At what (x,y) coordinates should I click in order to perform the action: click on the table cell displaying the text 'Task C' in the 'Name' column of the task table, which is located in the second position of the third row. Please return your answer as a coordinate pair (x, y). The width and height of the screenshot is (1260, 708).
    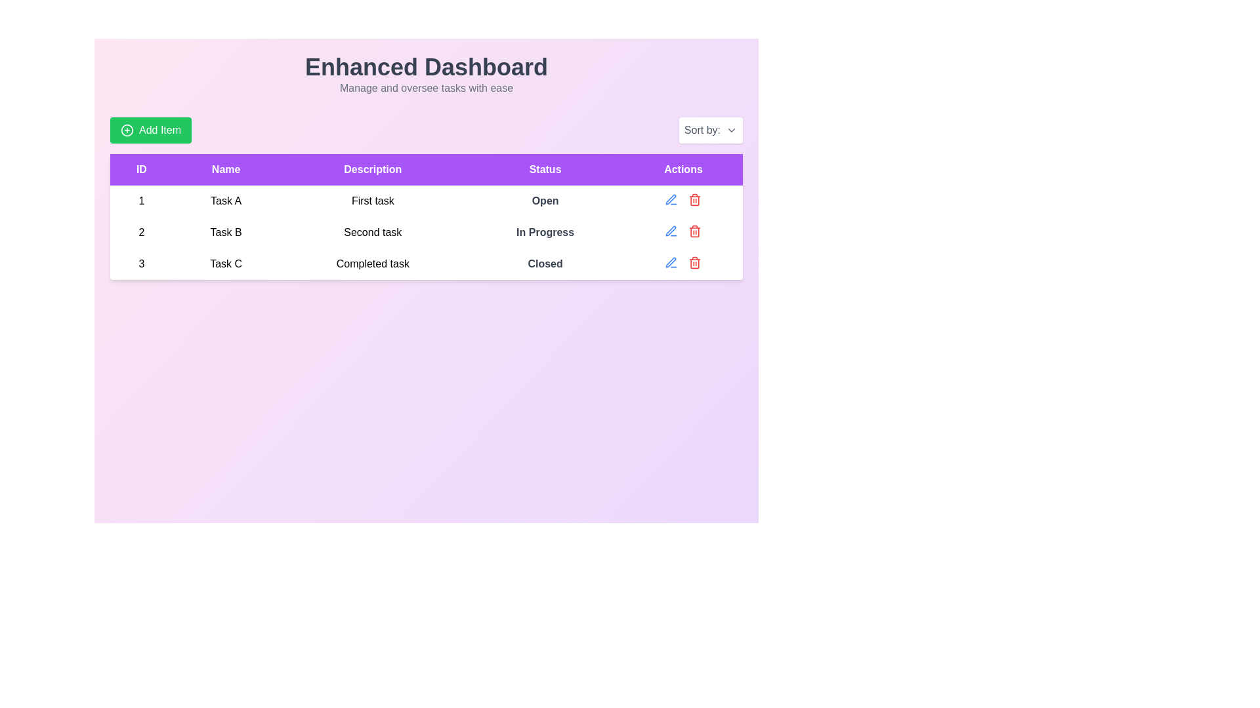
    Looking at the image, I should click on (226, 264).